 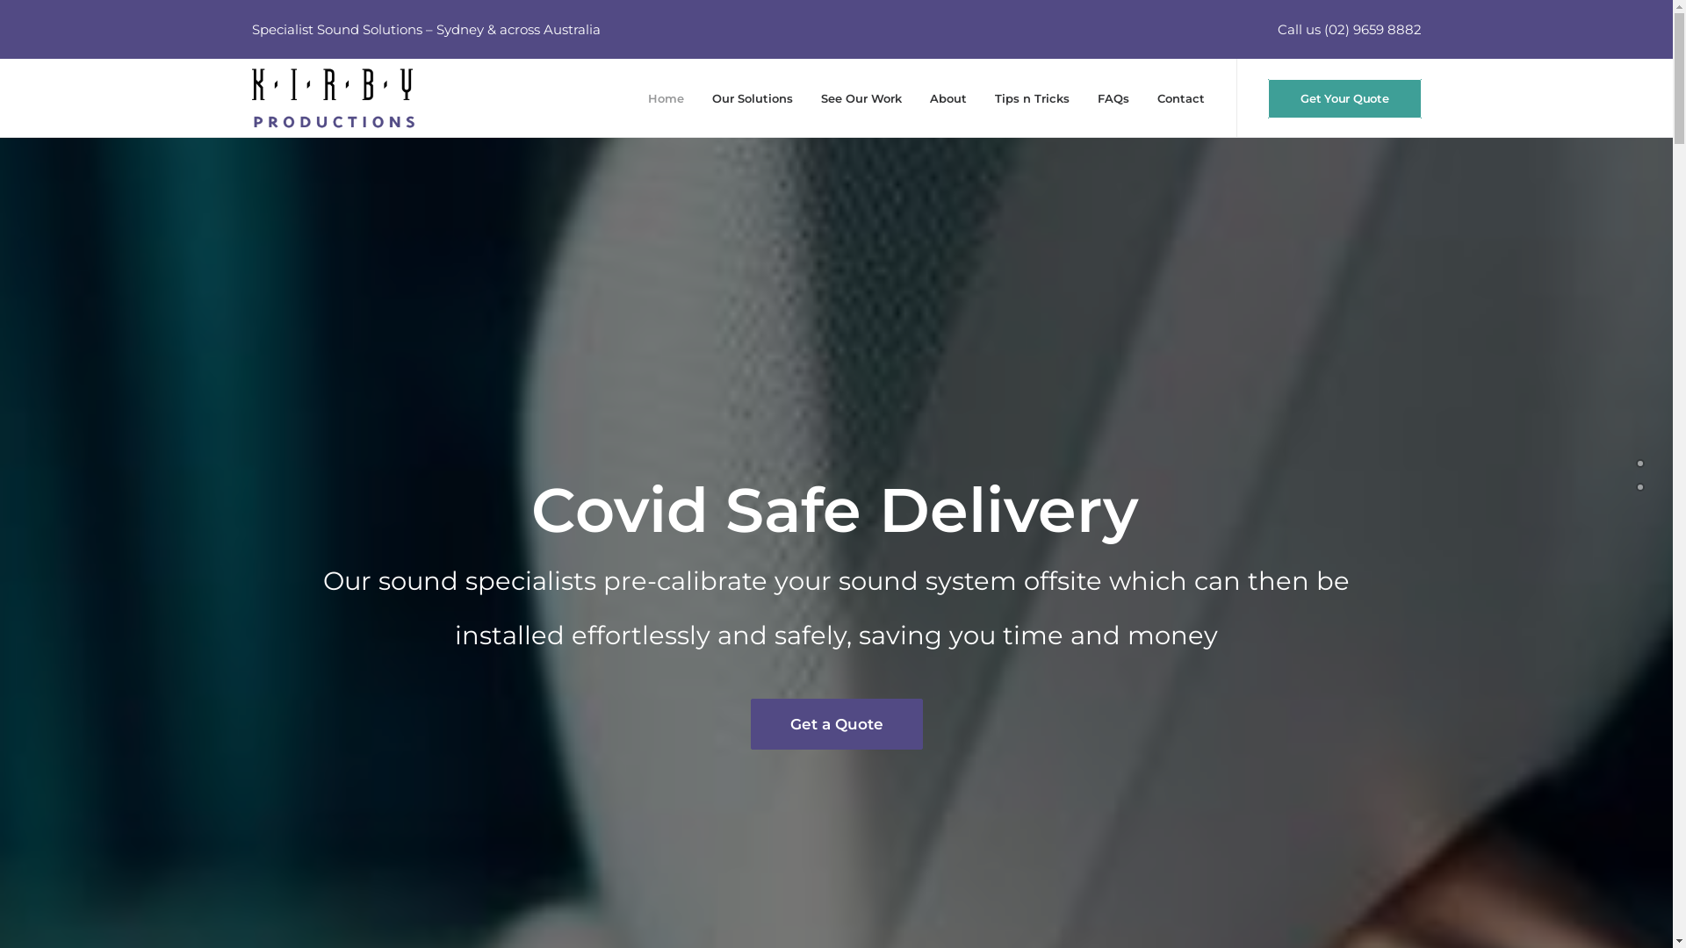 I want to click on 'Our Solutions', so click(x=753, y=97).